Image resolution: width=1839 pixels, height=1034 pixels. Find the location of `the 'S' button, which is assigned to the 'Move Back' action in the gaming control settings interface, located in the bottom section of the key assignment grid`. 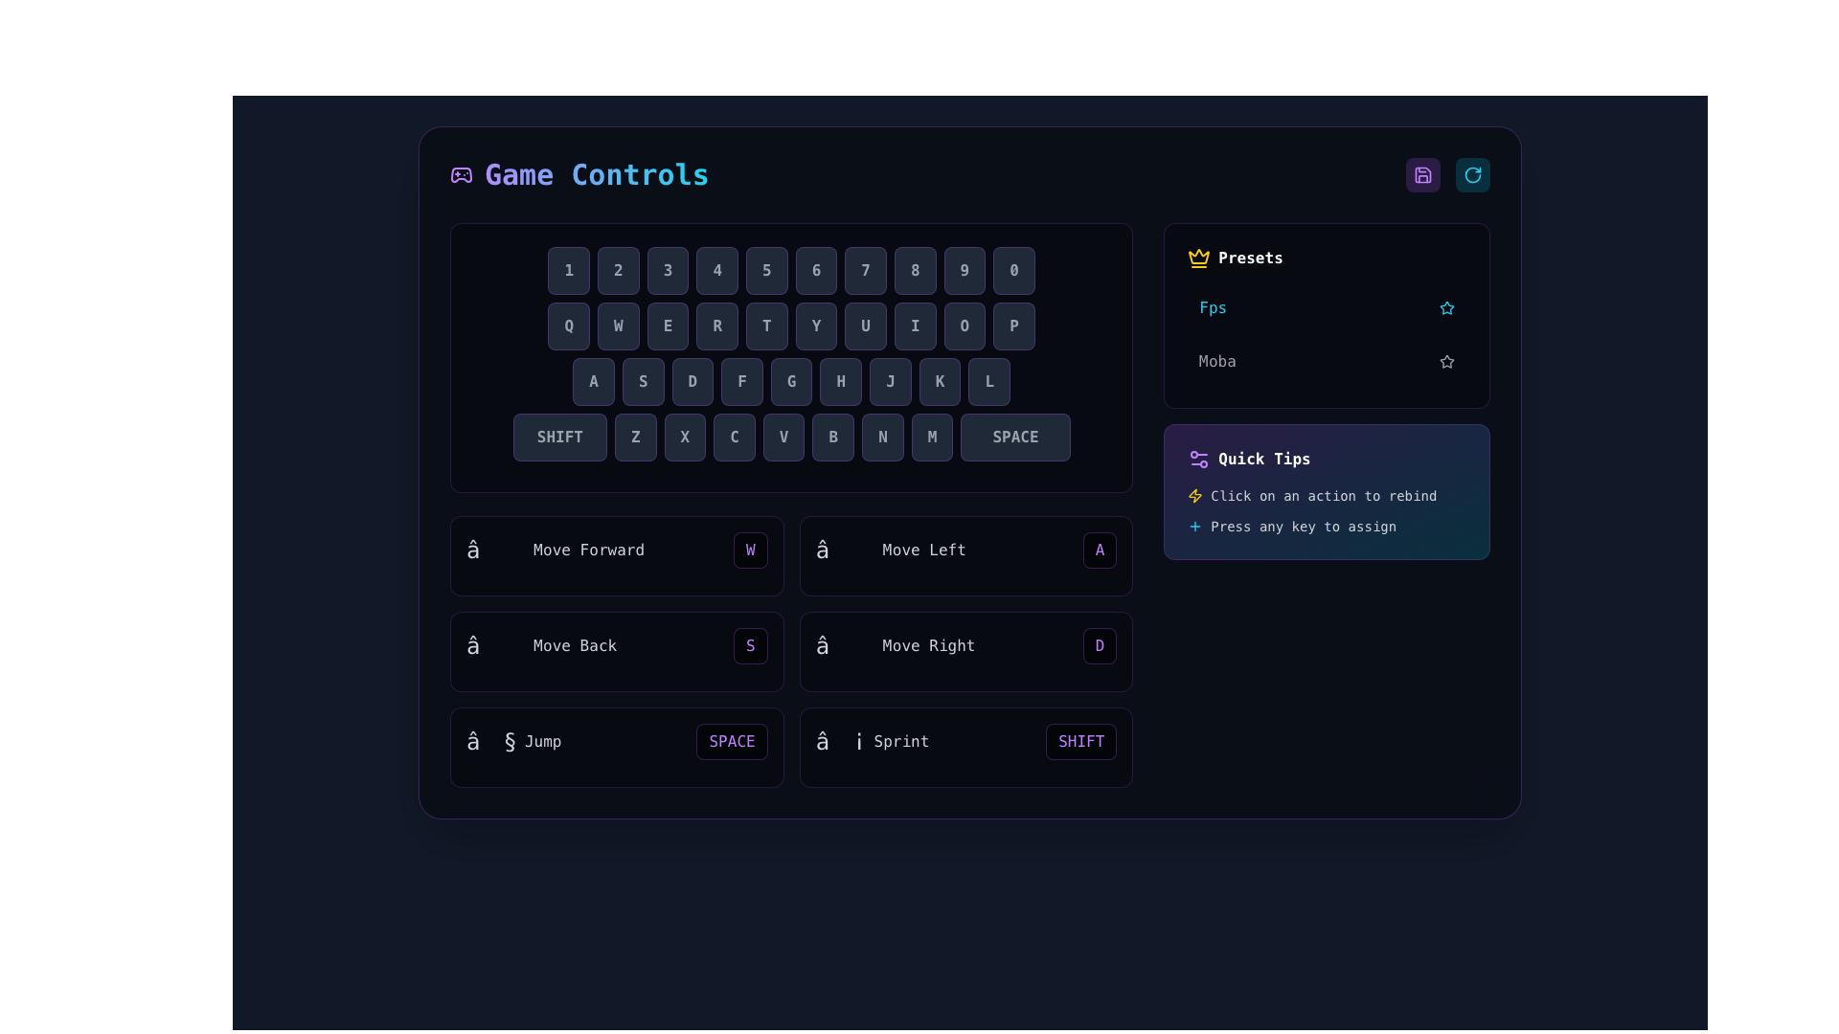

the 'S' button, which is assigned to the 'Move Back' action in the gaming control settings interface, located in the bottom section of the key assignment grid is located at coordinates (749, 646).